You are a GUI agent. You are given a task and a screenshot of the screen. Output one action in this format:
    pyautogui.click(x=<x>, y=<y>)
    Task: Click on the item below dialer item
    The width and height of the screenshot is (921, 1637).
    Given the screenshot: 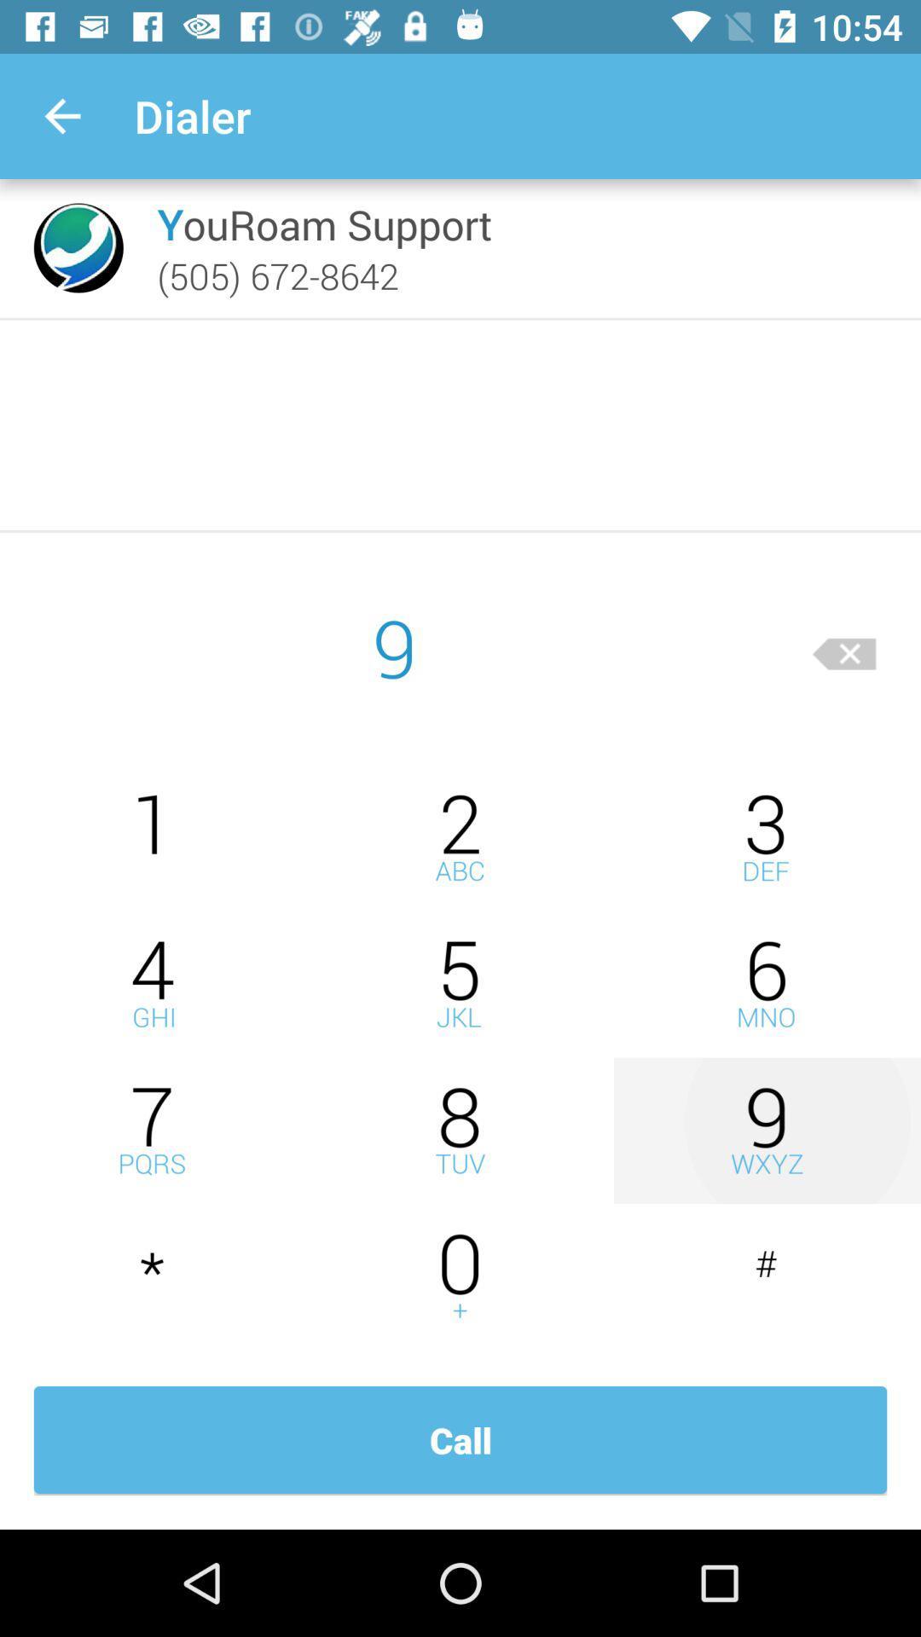 What is the action you would take?
    pyautogui.click(x=324, y=223)
    